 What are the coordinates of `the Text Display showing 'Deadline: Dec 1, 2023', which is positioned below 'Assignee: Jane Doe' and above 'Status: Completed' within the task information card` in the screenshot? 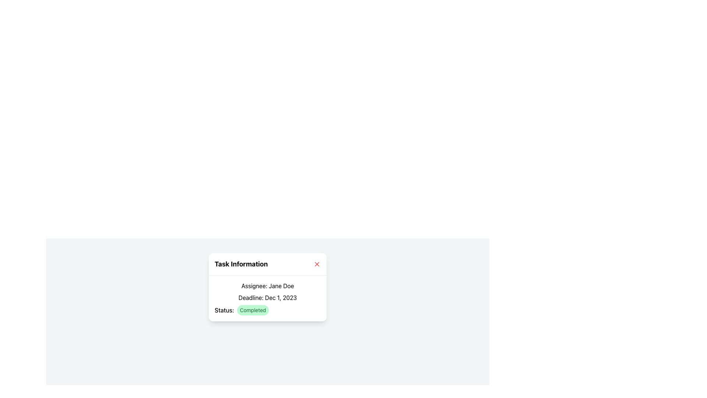 It's located at (267, 297).